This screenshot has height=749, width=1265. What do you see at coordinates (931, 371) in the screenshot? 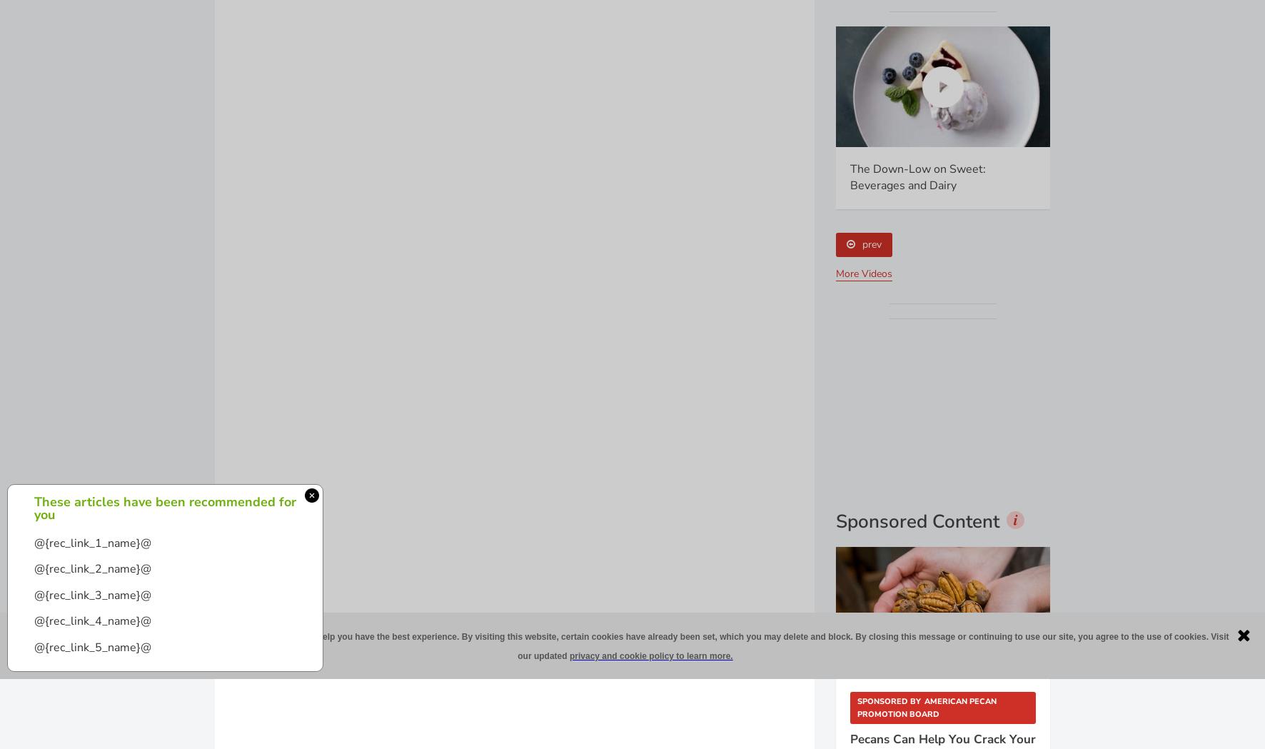
I see `'Sponsored Content is a special paid section where industry companies provide high quality, objective, non-commercial content around topics of interest to the'` at bounding box center [931, 371].